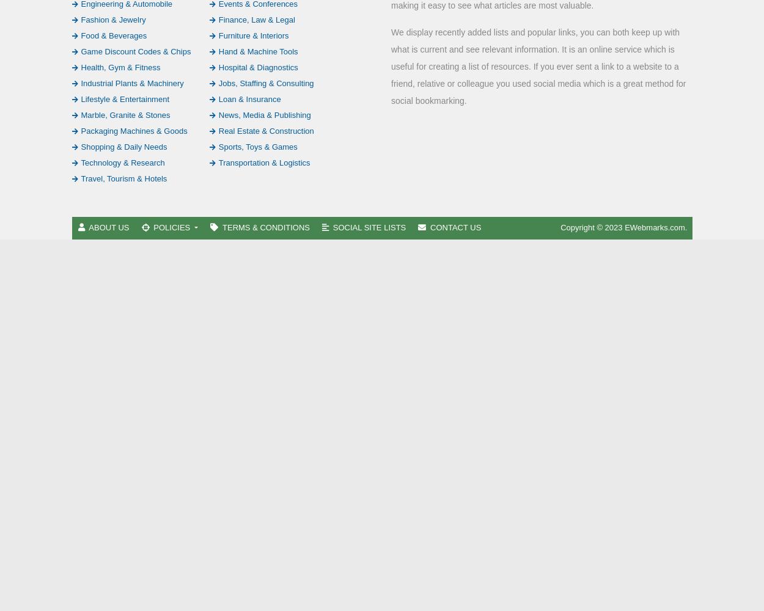  I want to click on 'Furniture & Interiors', so click(253, 35).